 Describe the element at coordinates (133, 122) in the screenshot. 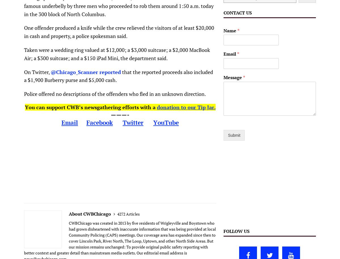

I see `'Twitter'` at that location.